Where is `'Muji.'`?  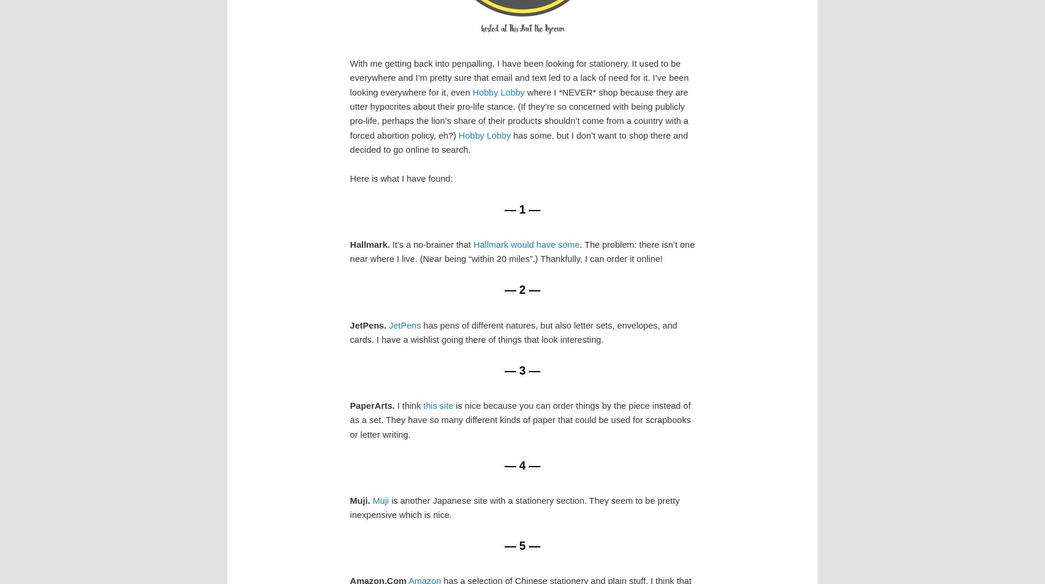 'Muji.' is located at coordinates (359, 500).